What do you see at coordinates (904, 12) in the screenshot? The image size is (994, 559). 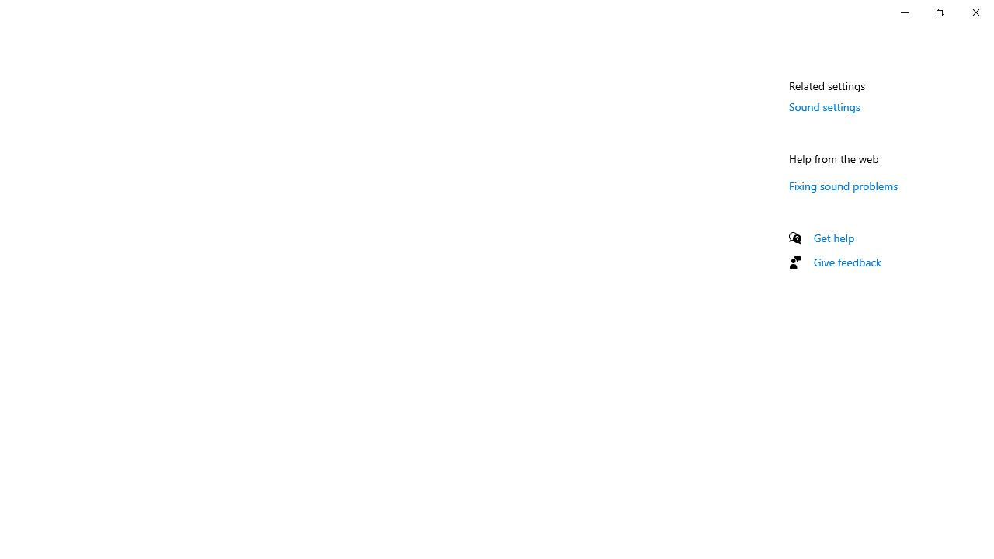 I see `'Minimize Settings'` at bounding box center [904, 12].